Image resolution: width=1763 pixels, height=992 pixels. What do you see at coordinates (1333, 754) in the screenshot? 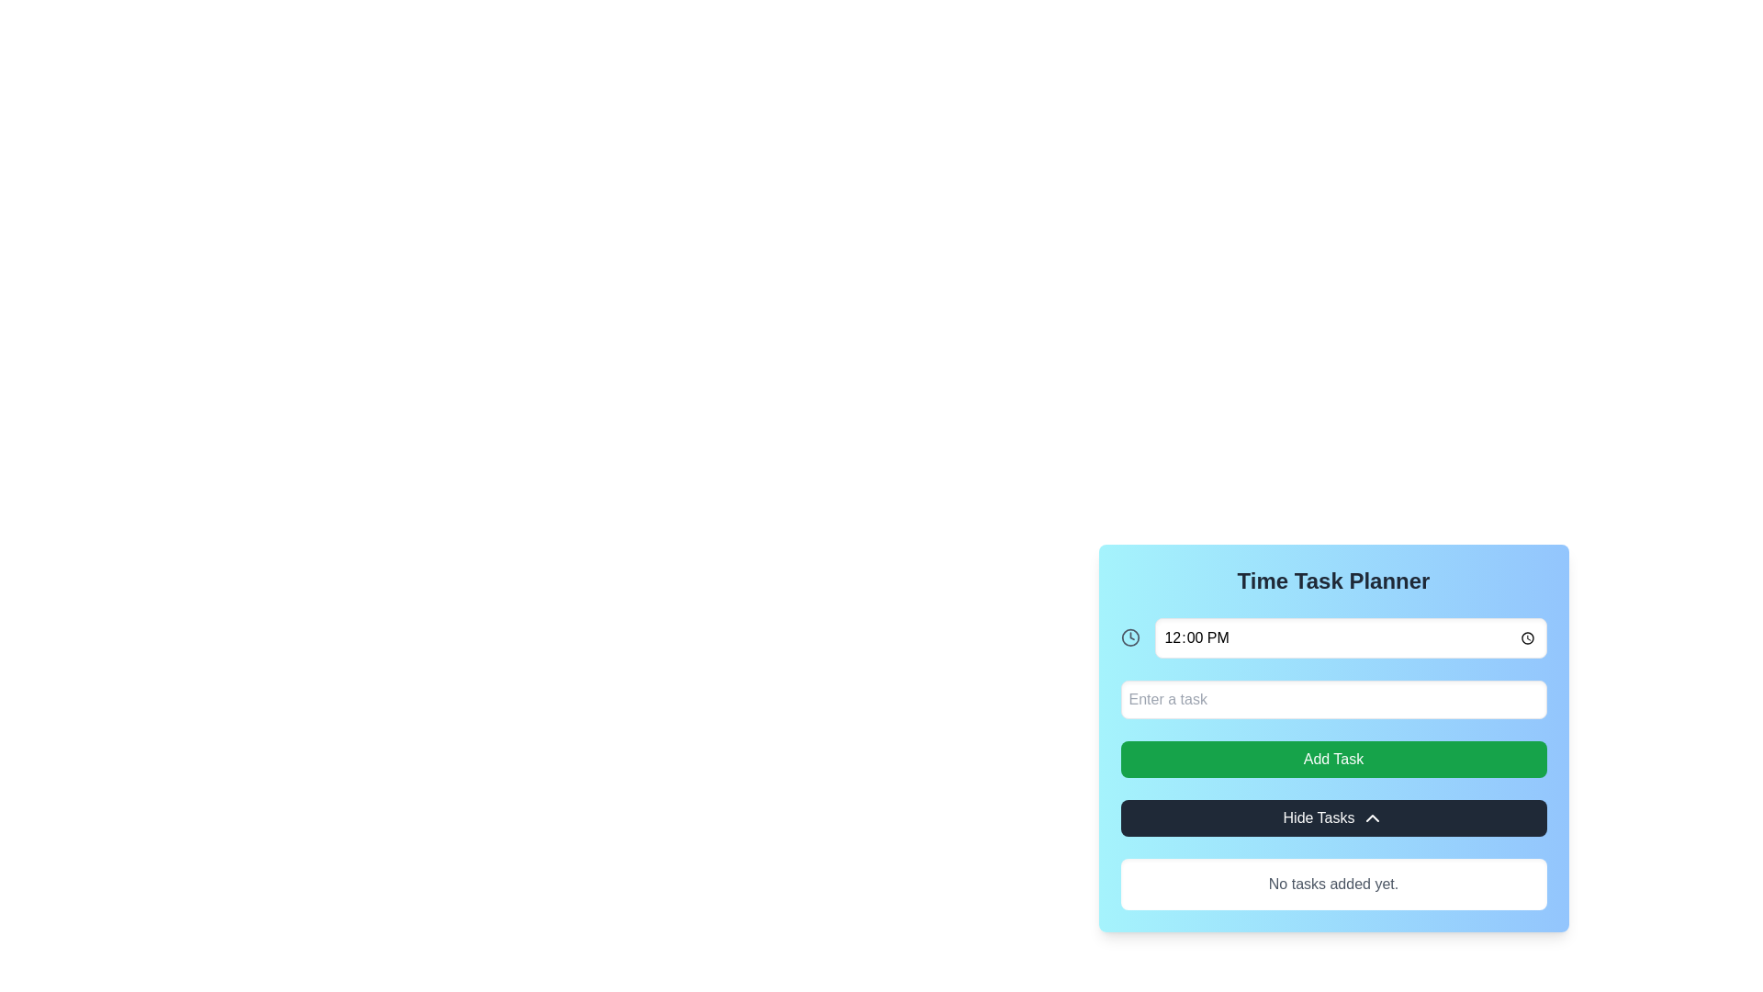
I see `the Interactive panel titled 'Time Task Planner'` at bounding box center [1333, 754].